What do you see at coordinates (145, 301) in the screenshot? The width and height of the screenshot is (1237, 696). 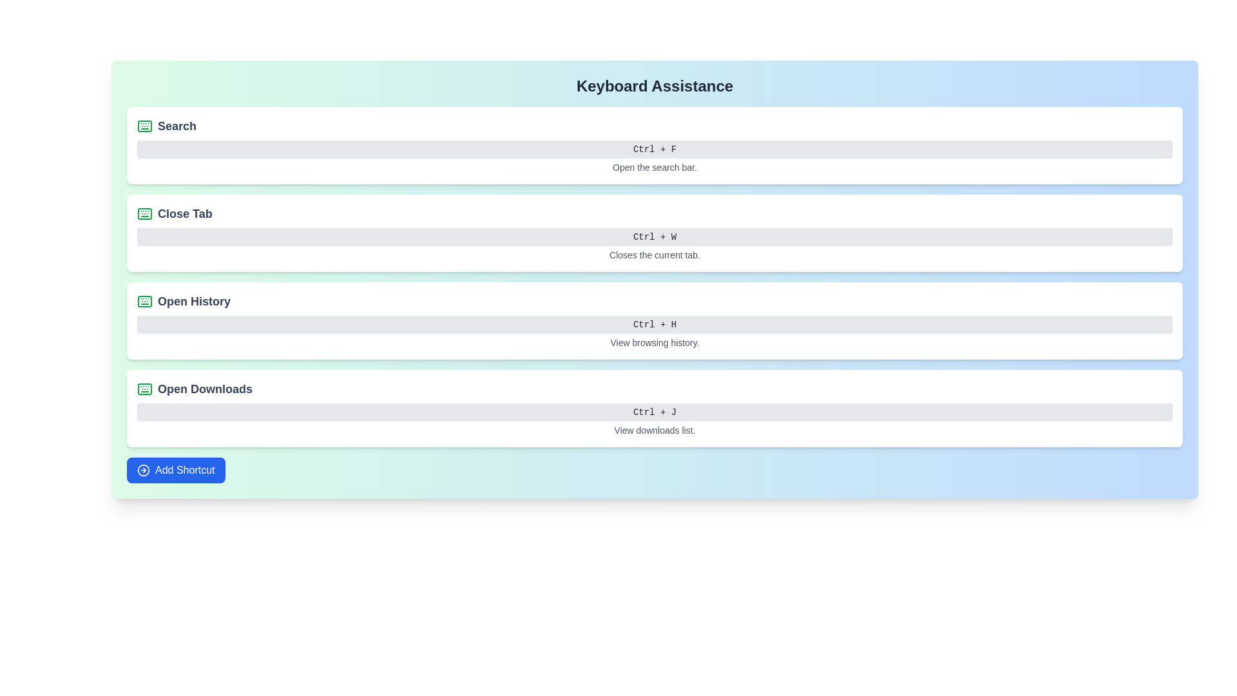 I see `the decorative graphical element that visually represents the key area of the keyboard icon to interact with the icon` at bounding box center [145, 301].